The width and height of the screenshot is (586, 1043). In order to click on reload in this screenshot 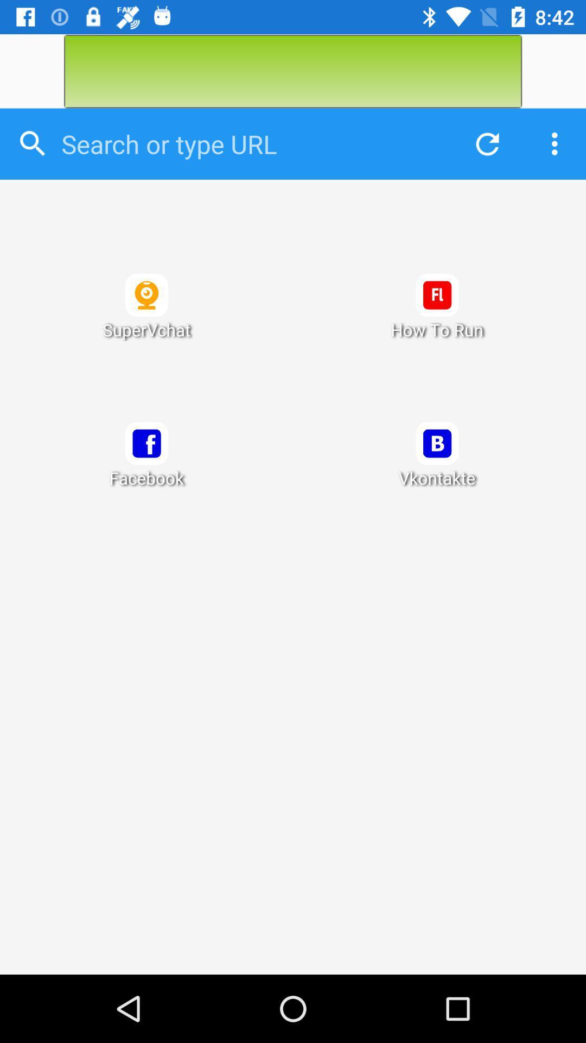, I will do `click(484, 143)`.